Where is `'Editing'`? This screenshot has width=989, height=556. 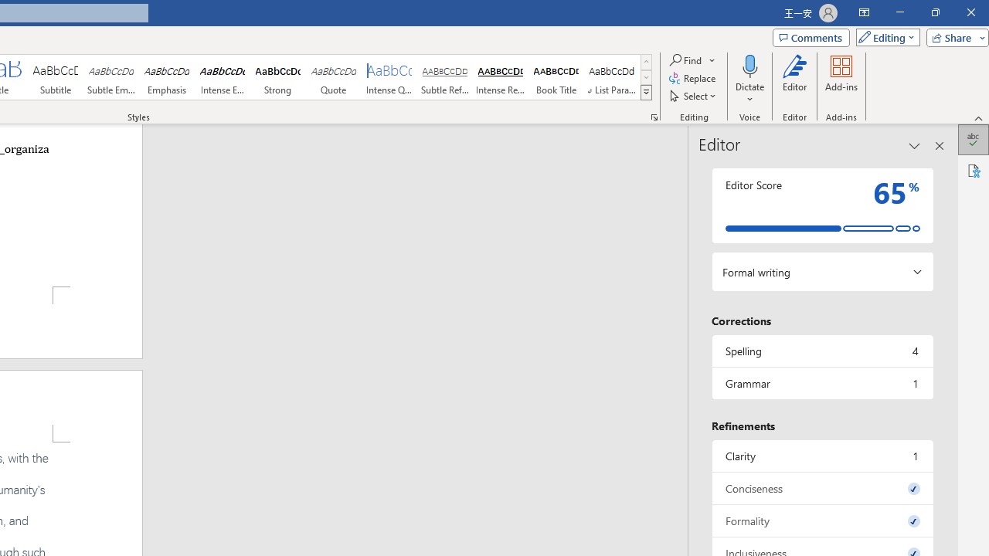 'Editing' is located at coordinates (884, 36).